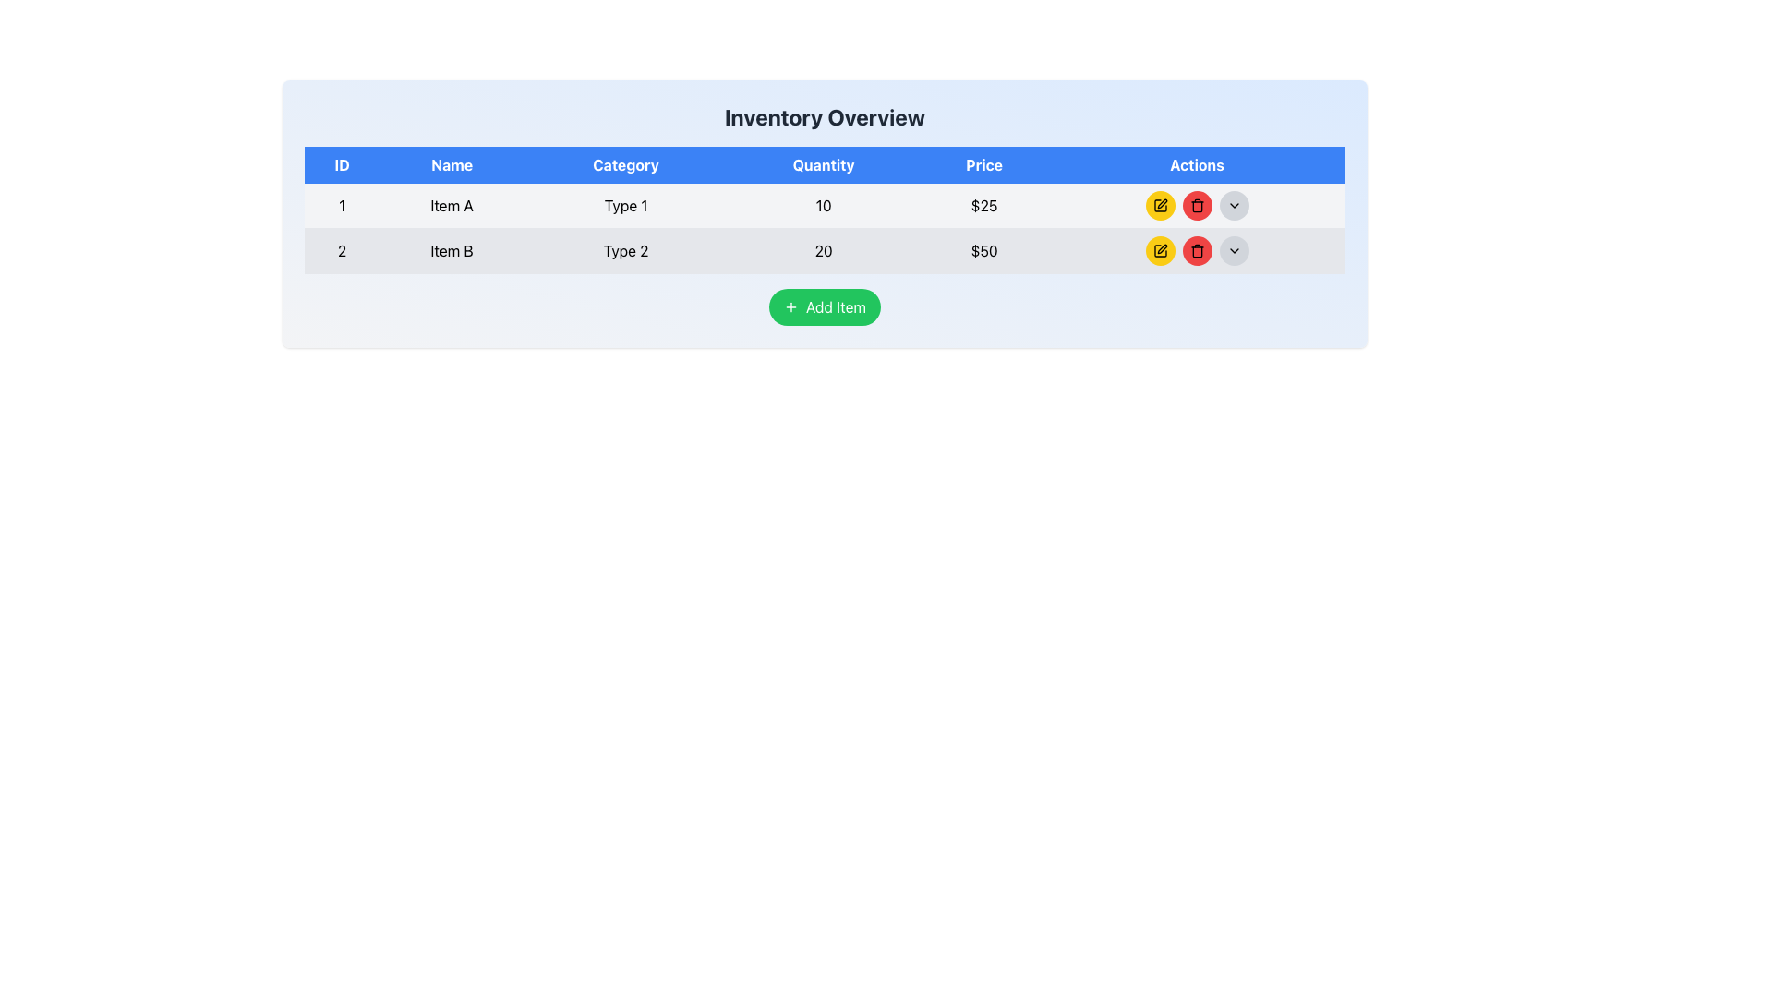  I want to click on the first row of the inventory table to interact with its elements, so click(824, 206).